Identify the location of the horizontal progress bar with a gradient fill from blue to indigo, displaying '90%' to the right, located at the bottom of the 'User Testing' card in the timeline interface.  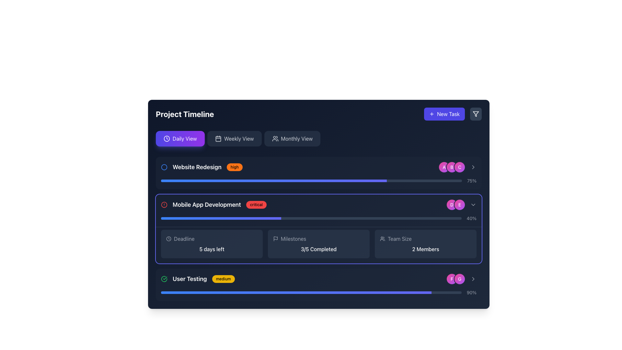
(318, 292).